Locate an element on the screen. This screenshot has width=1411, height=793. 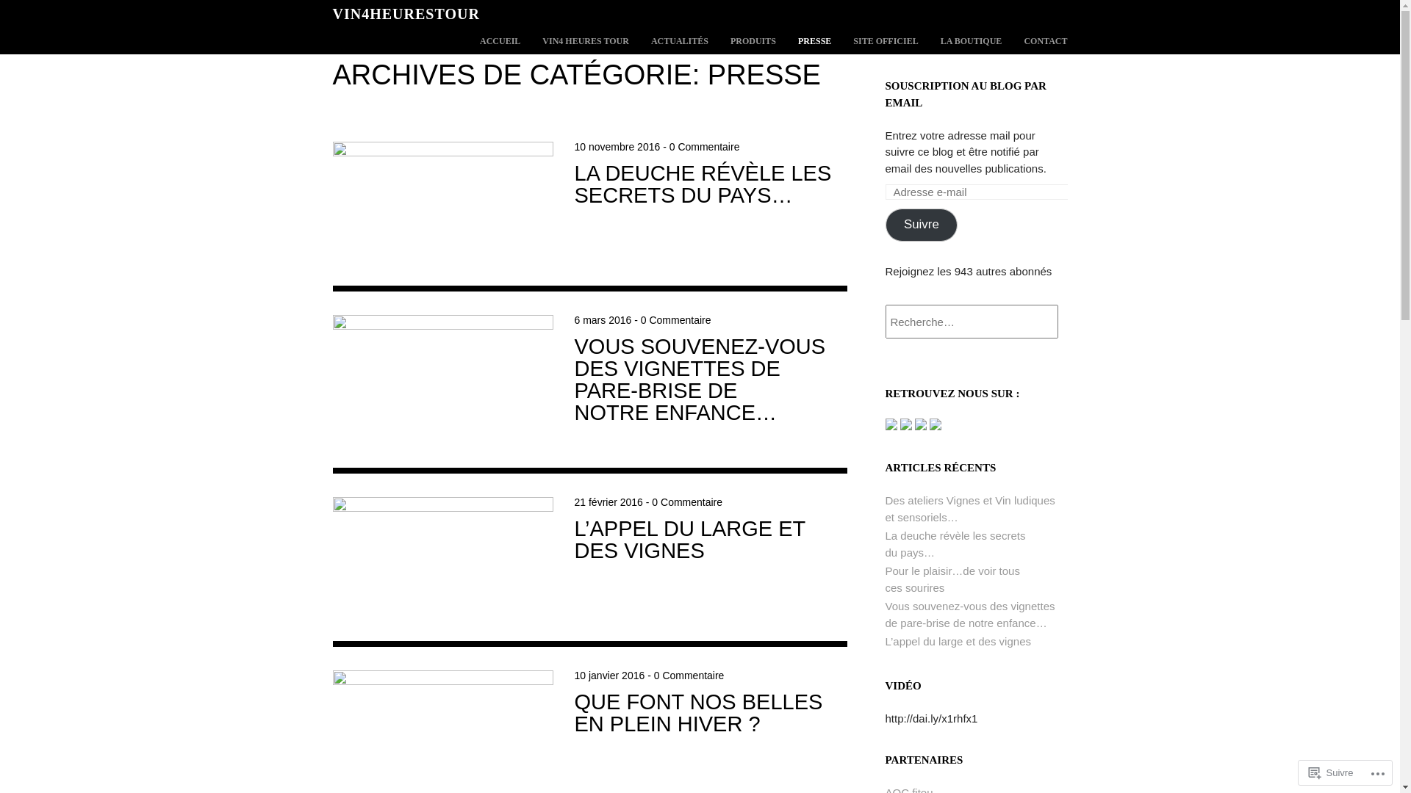
'LA BOUTIQUE' is located at coordinates (971, 40).